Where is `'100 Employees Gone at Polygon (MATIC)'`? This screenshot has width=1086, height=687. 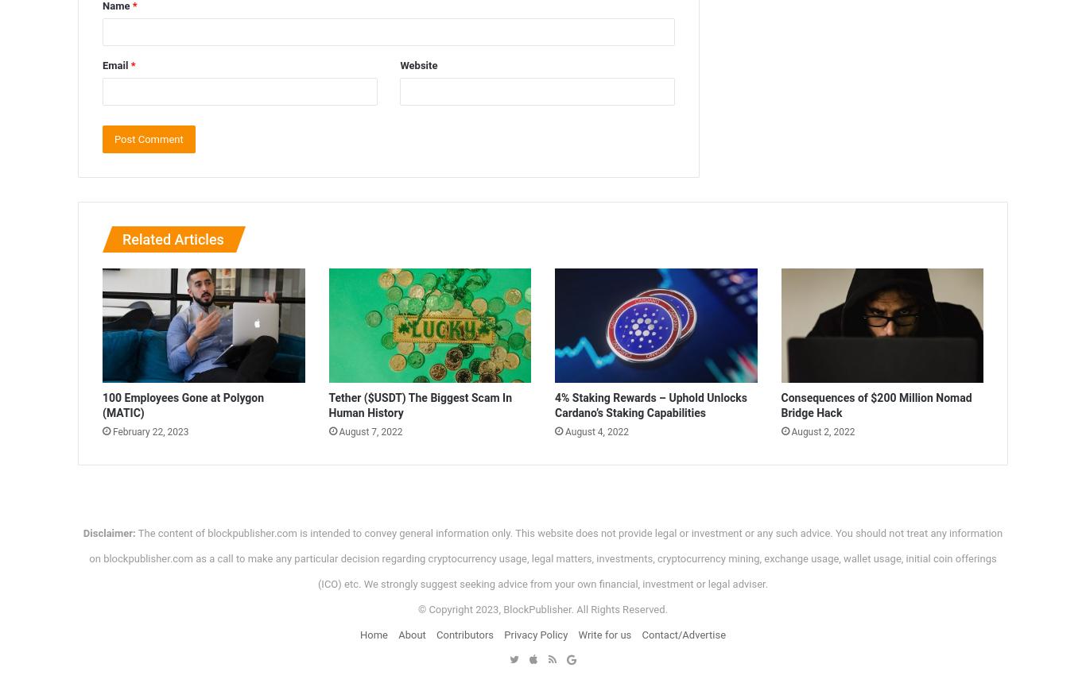 '100 Employees Gone at Polygon (MATIC)' is located at coordinates (183, 403).